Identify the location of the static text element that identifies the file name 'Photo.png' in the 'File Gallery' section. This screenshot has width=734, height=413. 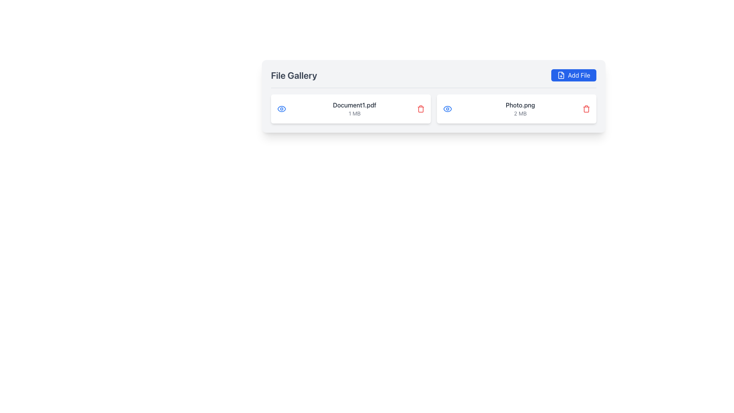
(520, 105).